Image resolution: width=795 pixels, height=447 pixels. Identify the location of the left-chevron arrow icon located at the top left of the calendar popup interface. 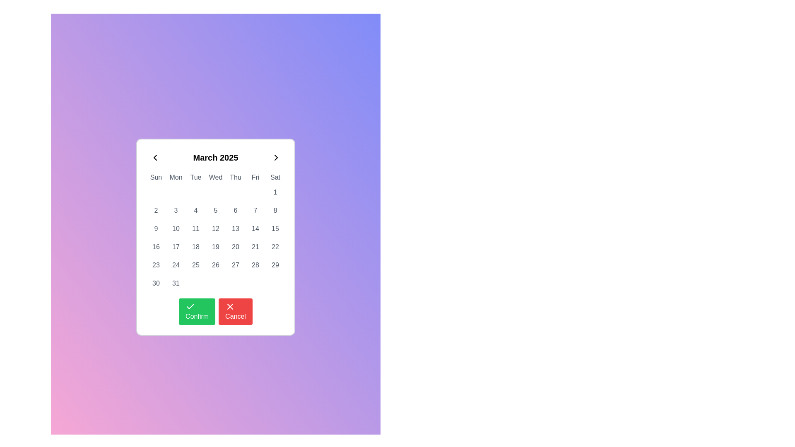
(155, 158).